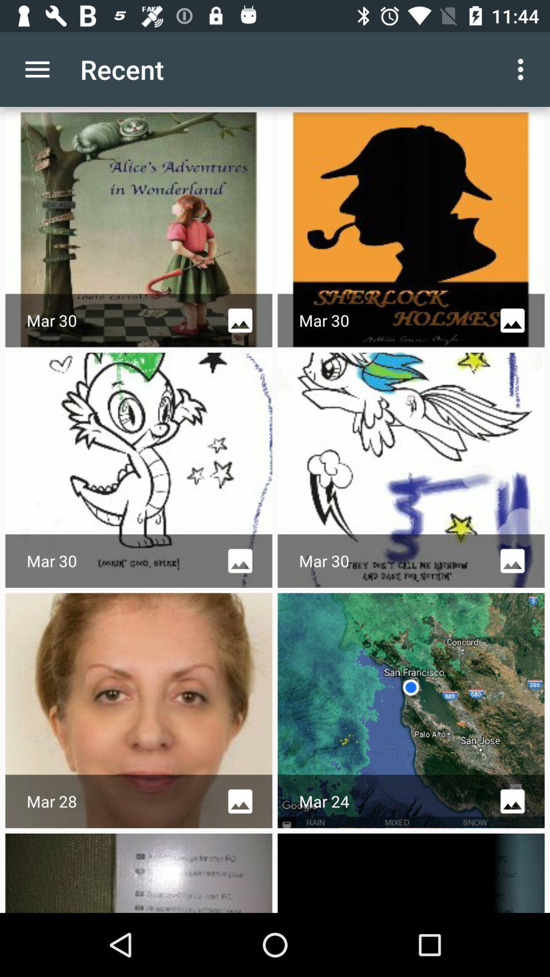 The width and height of the screenshot is (550, 977). I want to click on icon next to the recent icon, so click(523, 69).